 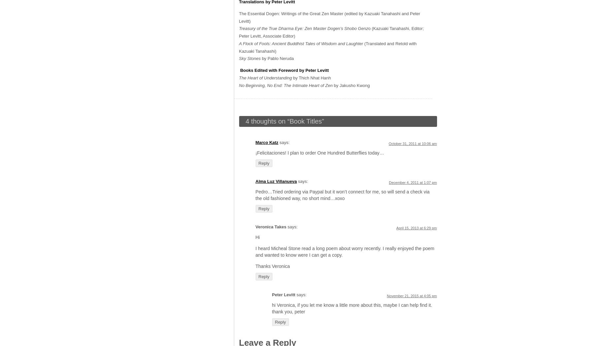 I want to click on 'Marco Katz', so click(x=267, y=142).